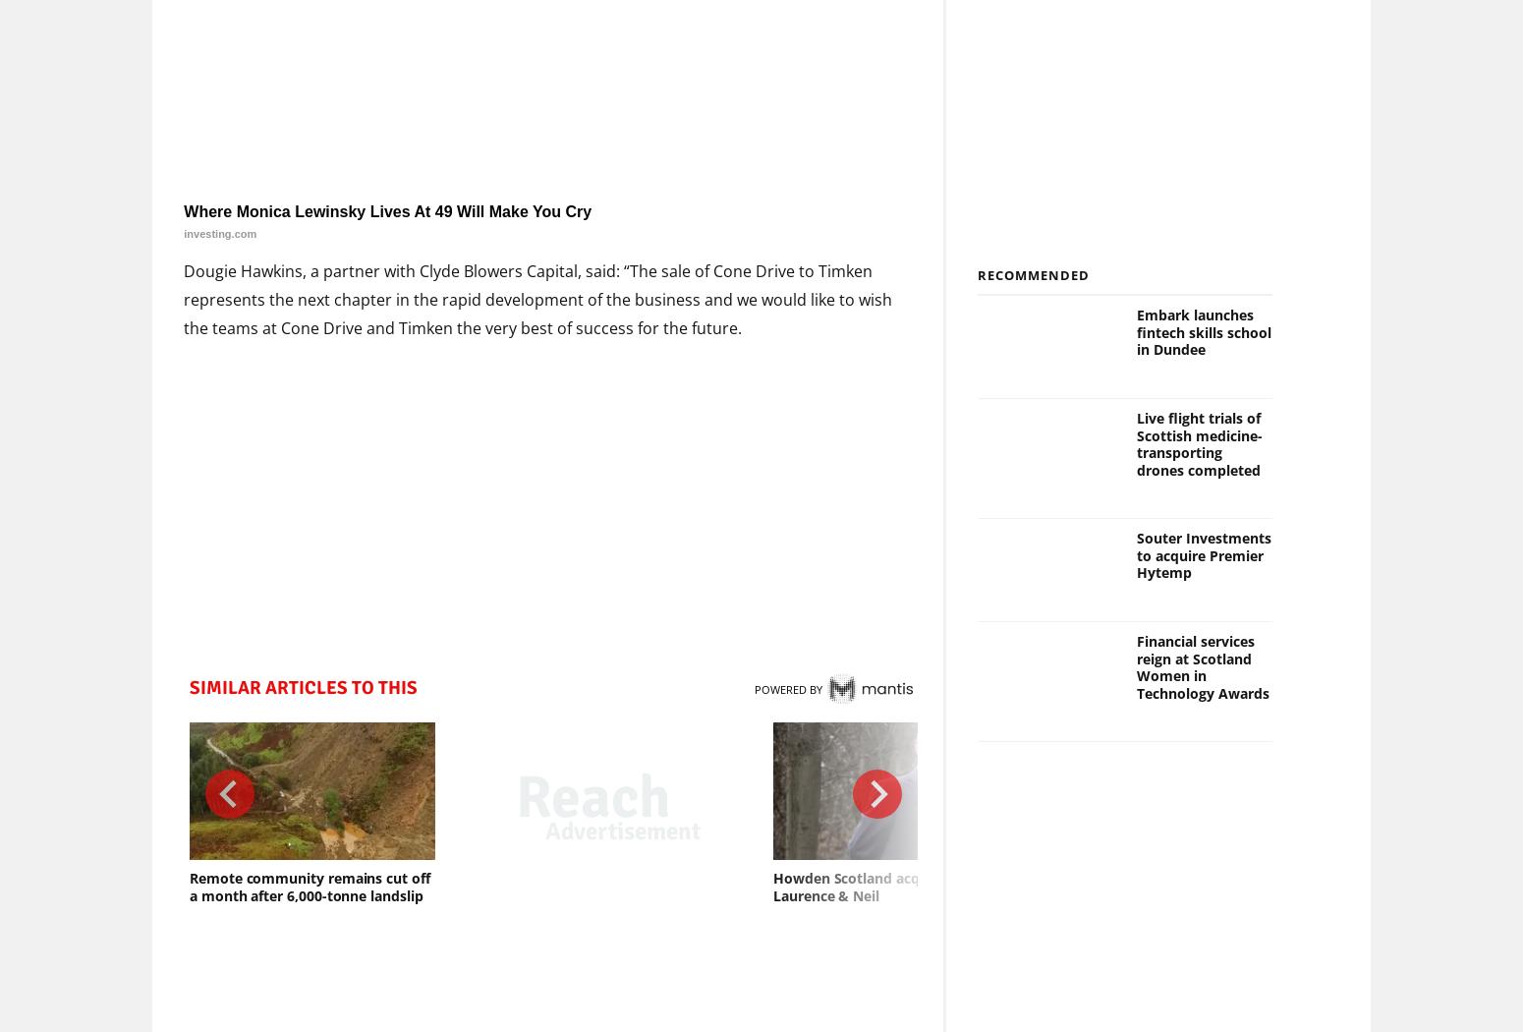 This screenshot has height=1032, width=1523. I want to click on 'Live flight trials of Scottish medicine-transporting drones completed', so click(1199, 443).